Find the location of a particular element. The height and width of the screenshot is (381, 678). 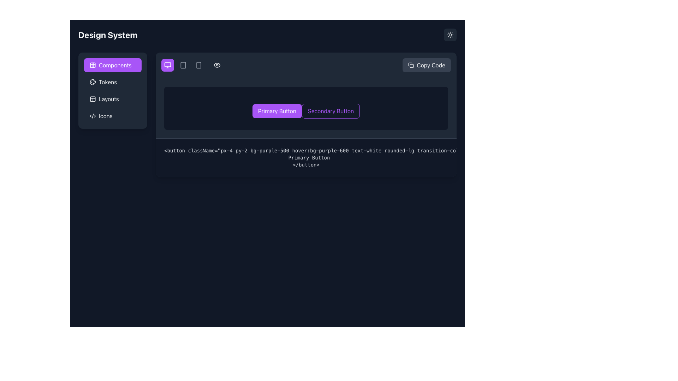

the 'Tokens' menu item located between 'Components' above and 'Layouts' below is located at coordinates (112, 81).